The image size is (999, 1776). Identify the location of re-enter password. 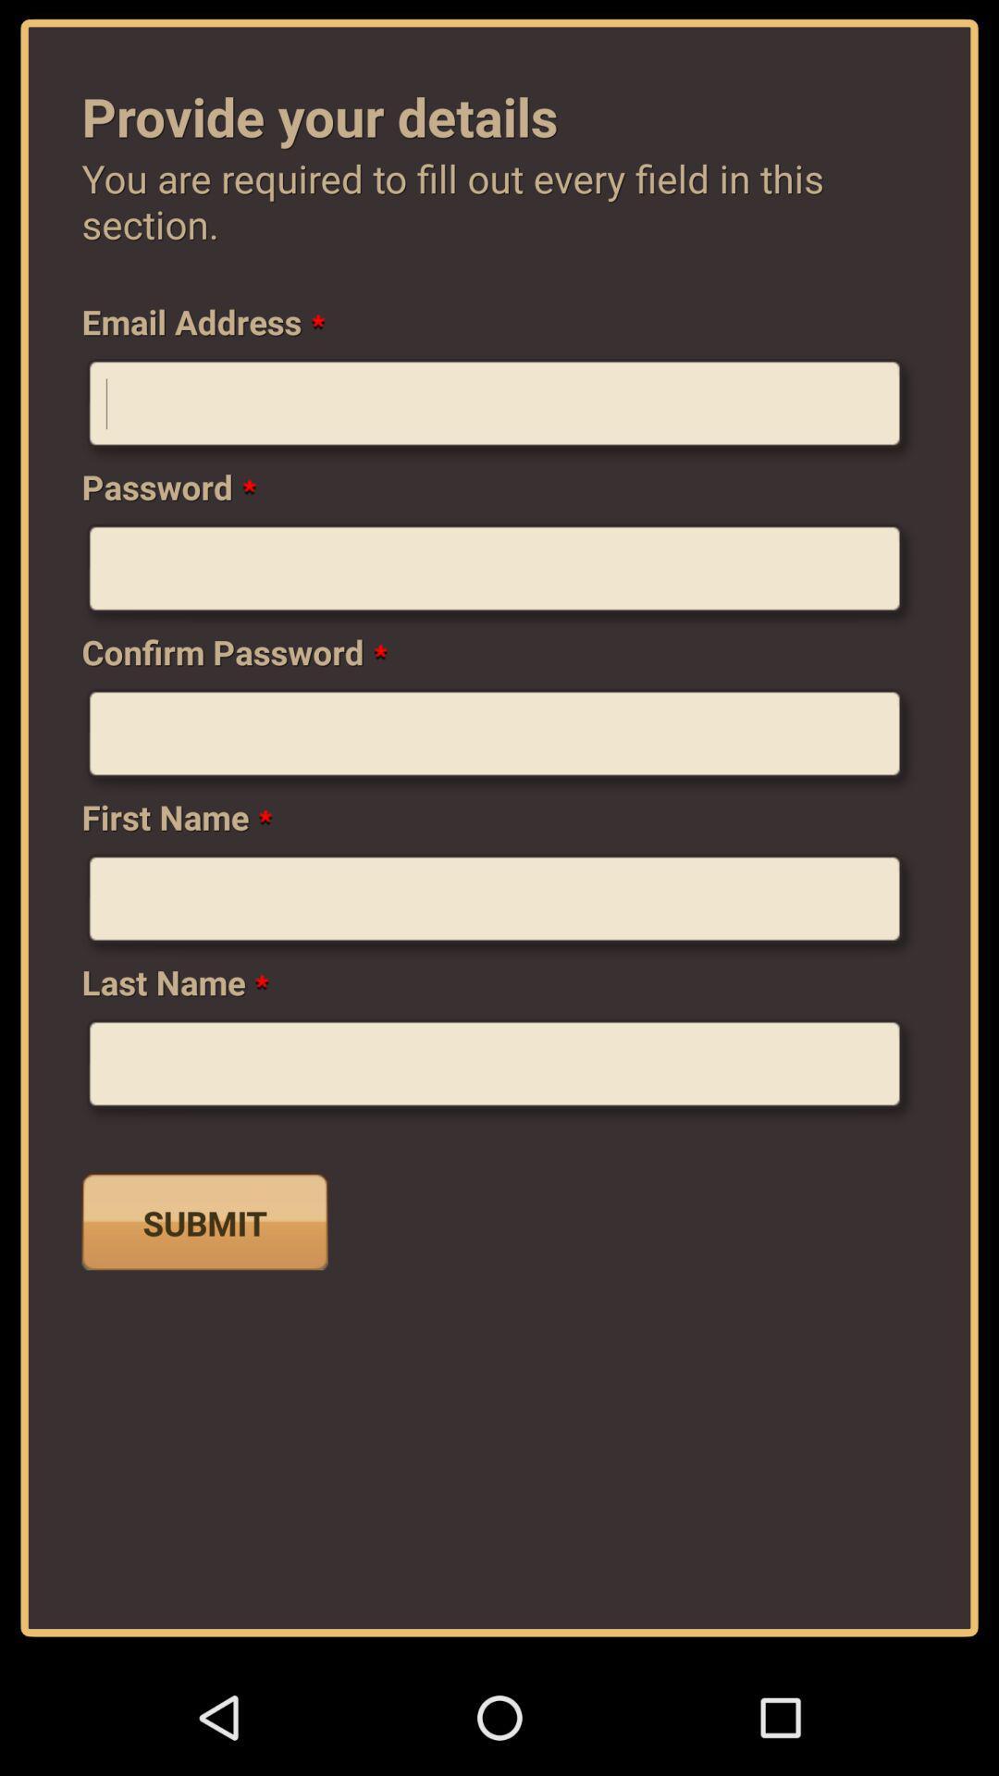
(499, 741).